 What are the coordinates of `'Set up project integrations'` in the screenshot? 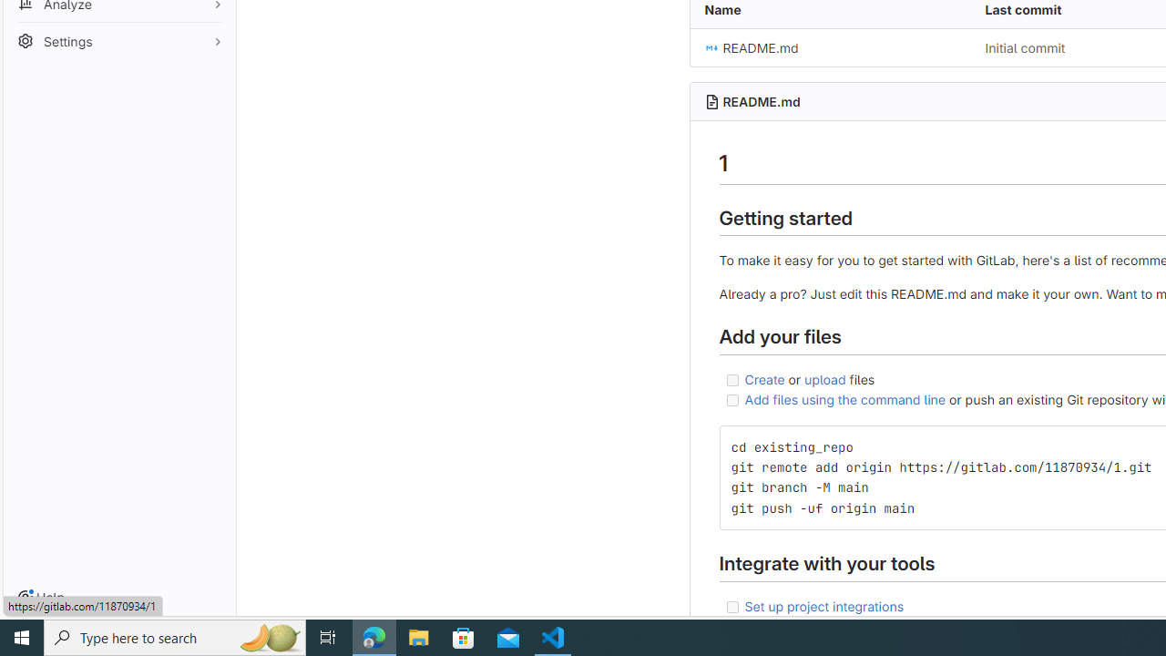 It's located at (823, 605).